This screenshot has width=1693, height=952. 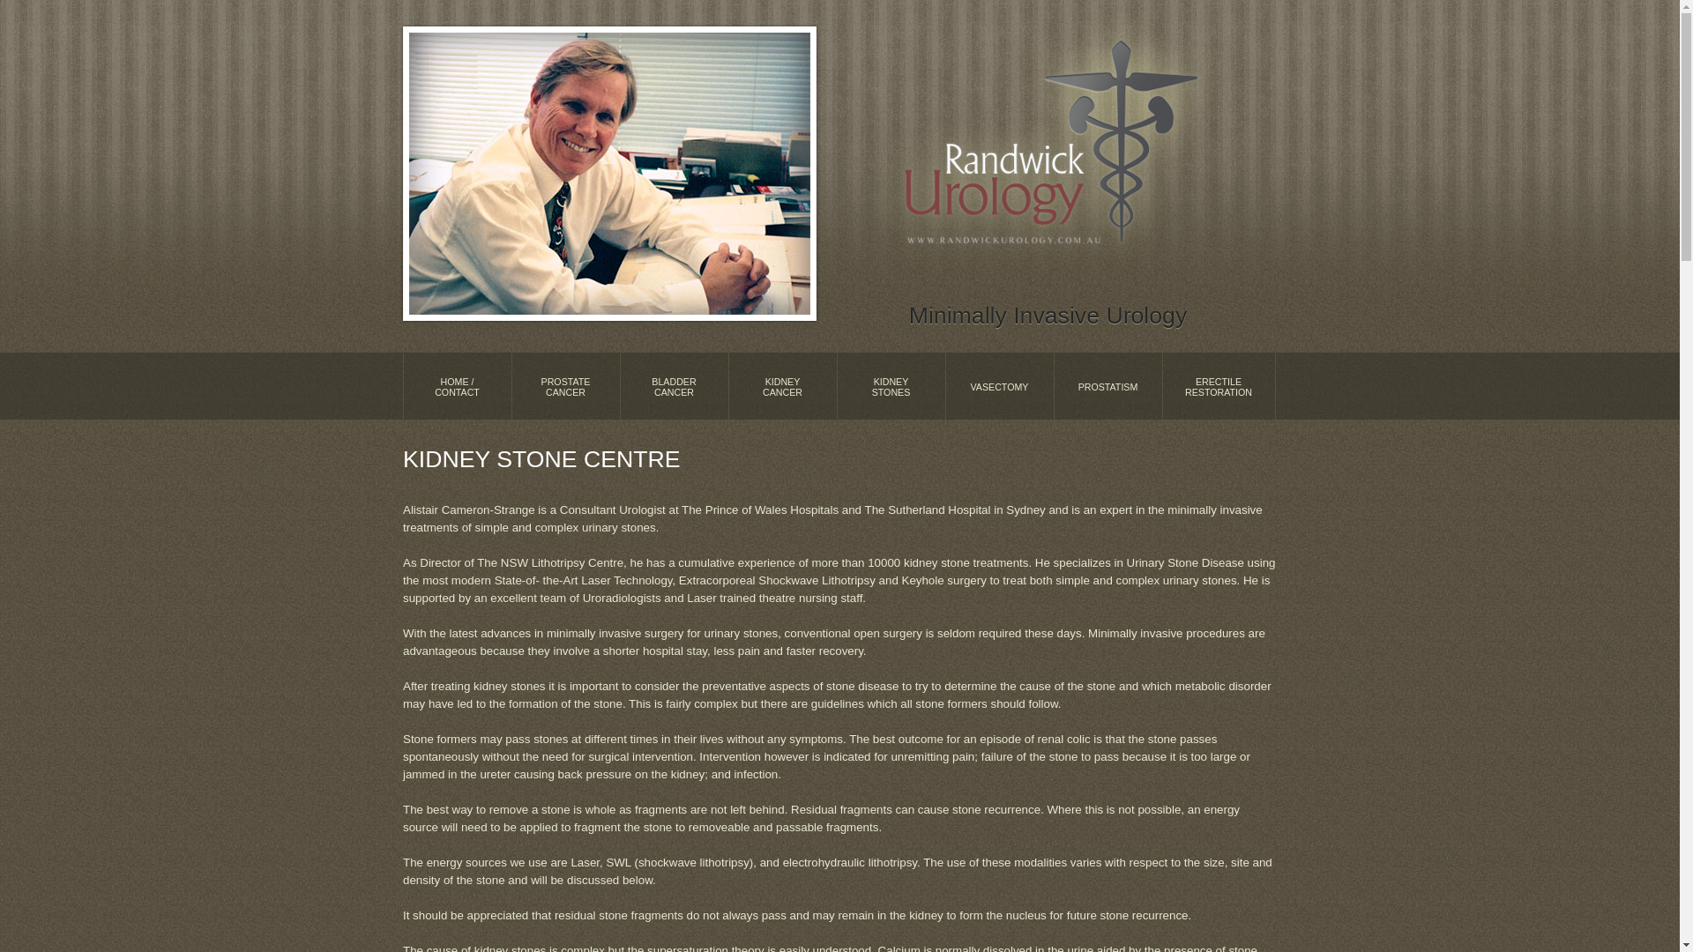 What do you see at coordinates (673, 385) in the screenshot?
I see `'BLADDER` at bounding box center [673, 385].